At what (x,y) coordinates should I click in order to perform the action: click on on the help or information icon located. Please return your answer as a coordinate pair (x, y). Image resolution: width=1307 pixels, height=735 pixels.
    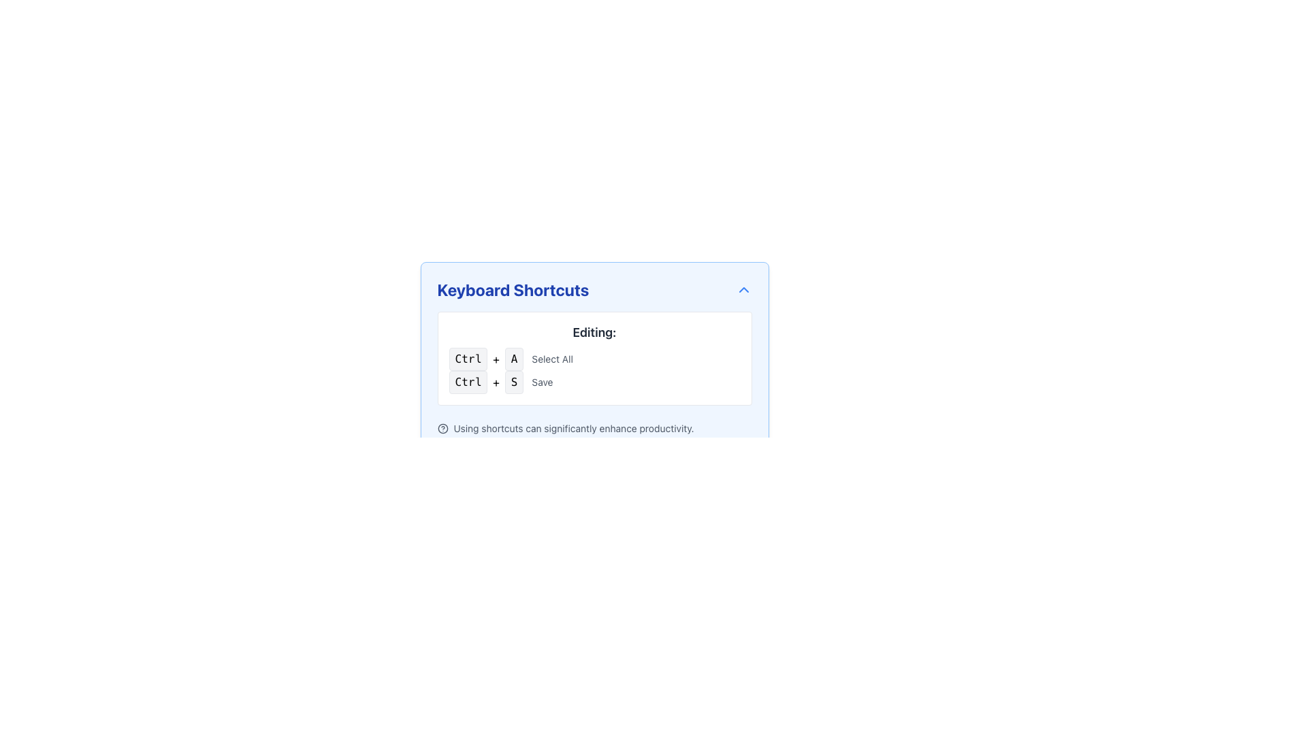
    Looking at the image, I should click on (442, 427).